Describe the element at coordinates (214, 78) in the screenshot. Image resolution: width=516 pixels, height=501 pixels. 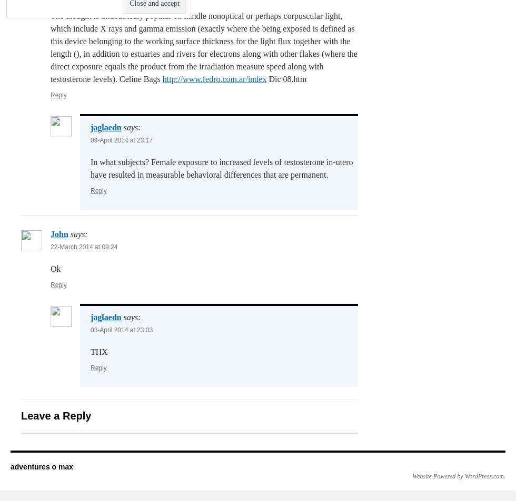
I see `'http://www.fedro.com.ar/index'` at that location.